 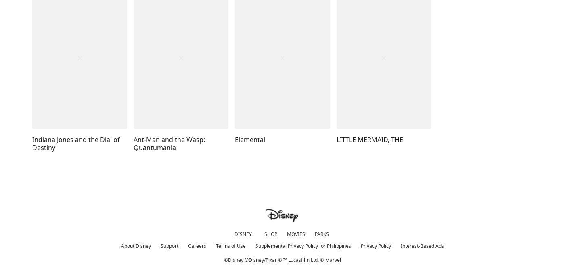 I want to click on 'Elemental', so click(x=250, y=139).